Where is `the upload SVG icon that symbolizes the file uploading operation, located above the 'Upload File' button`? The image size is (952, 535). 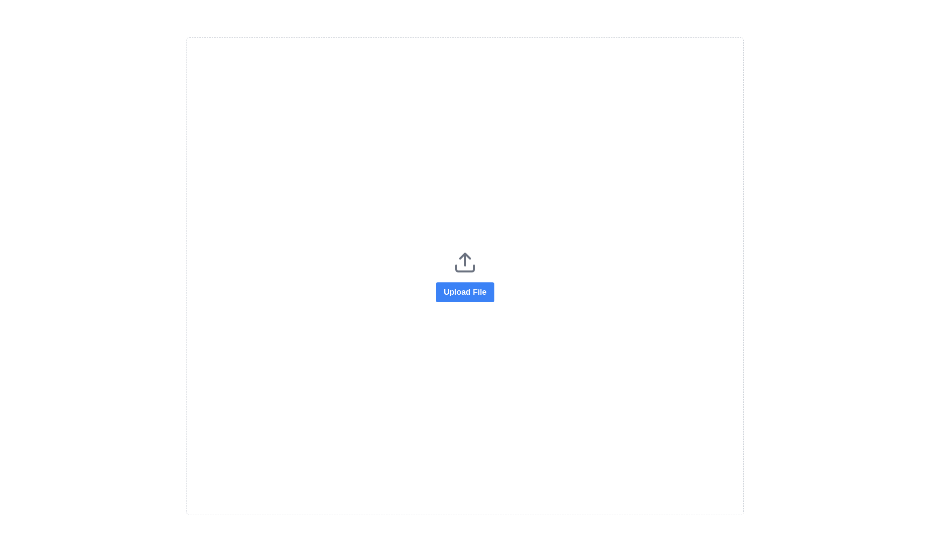
the upload SVG icon that symbolizes the file uploading operation, located above the 'Upload File' button is located at coordinates (464, 262).